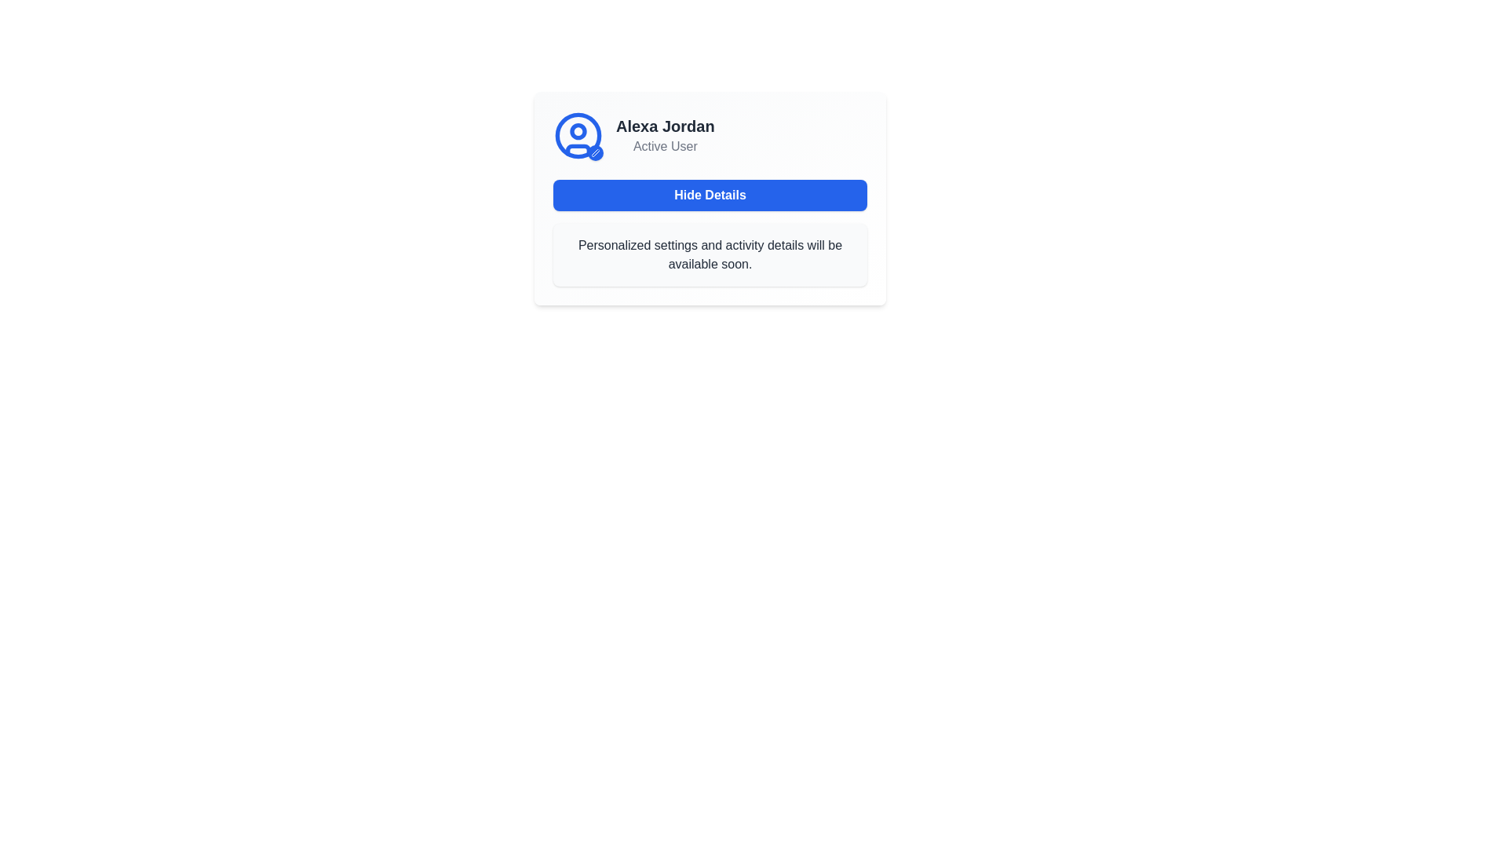 The width and height of the screenshot is (1507, 848). Describe the element at coordinates (578, 150) in the screenshot. I see `the SVG graphical component located at the bottom-center area of the user profile image, which serves as a visual indicator or graphic enhancement` at that location.